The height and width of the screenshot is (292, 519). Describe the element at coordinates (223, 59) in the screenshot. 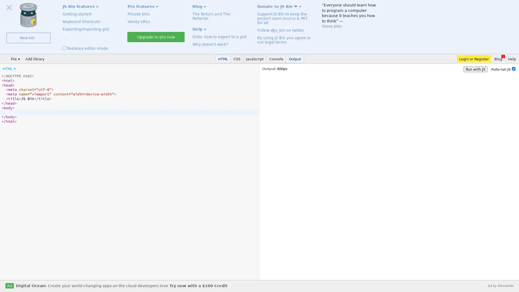

I see `HTML Panel: Active` at that location.